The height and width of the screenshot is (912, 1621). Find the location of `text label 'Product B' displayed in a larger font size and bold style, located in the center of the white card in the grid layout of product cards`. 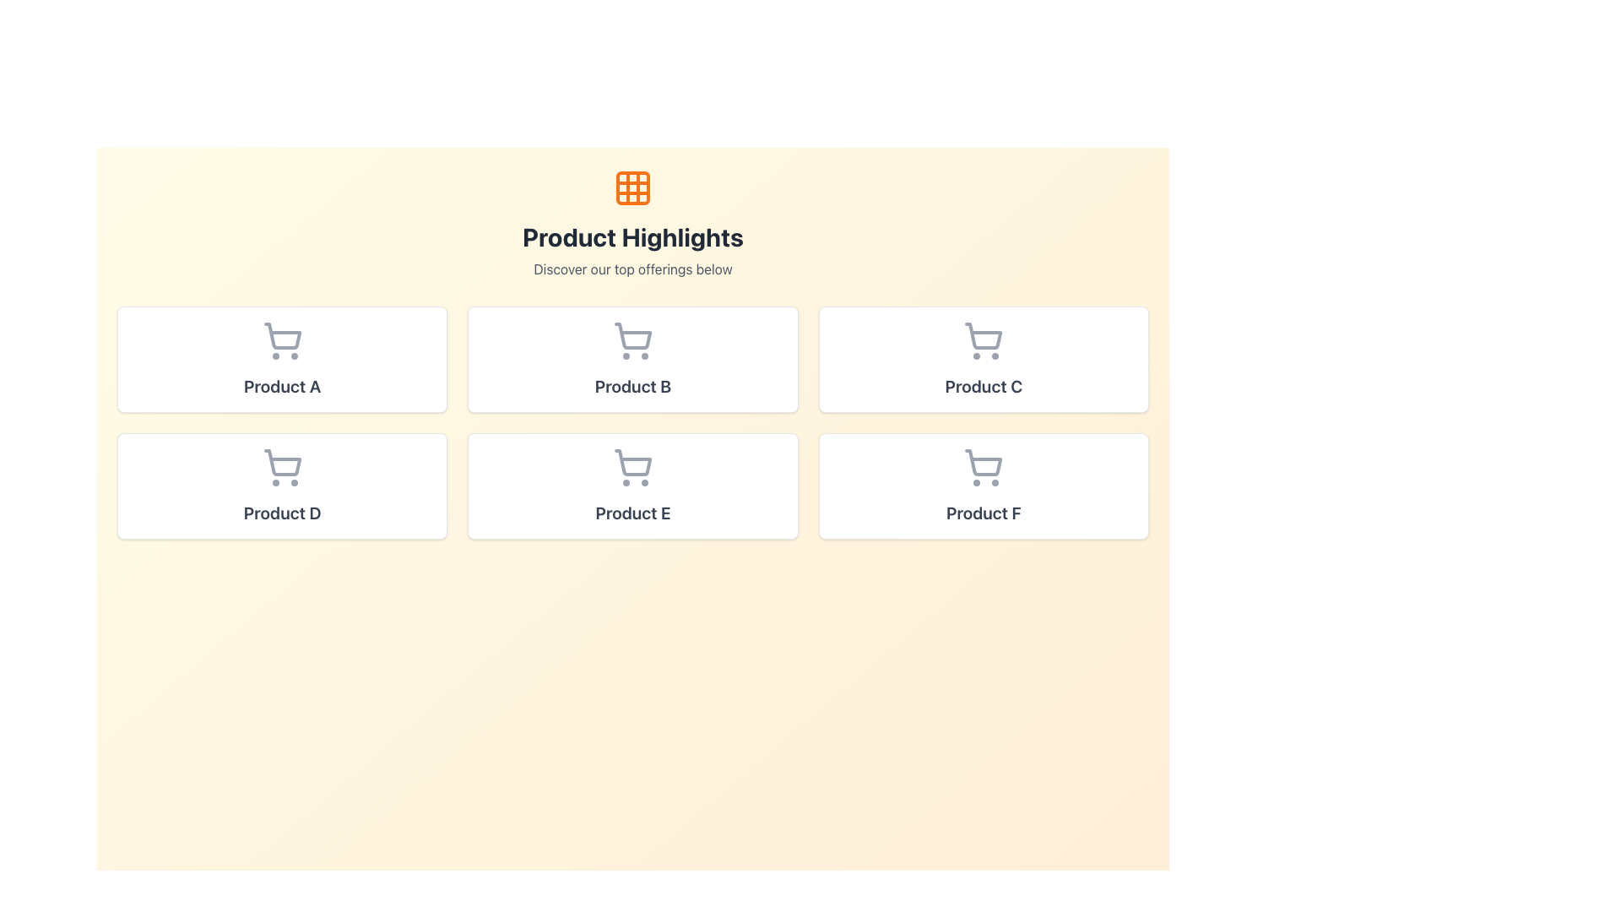

text label 'Product B' displayed in a larger font size and bold style, located in the center of the white card in the grid layout of product cards is located at coordinates (632, 387).